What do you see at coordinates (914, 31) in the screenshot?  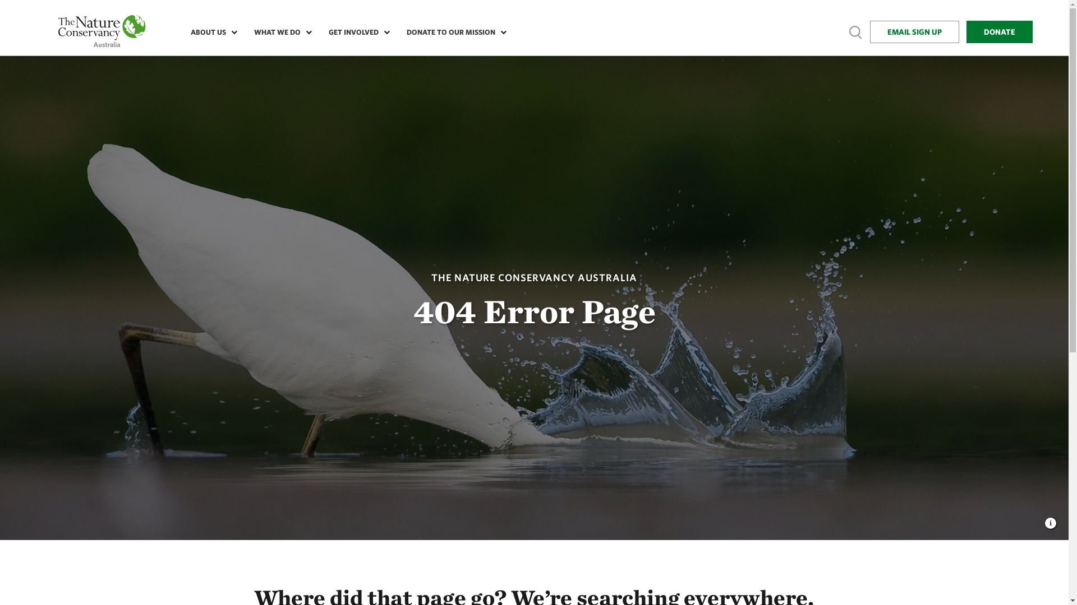 I see `'EMAIL SIGN UP'` at bounding box center [914, 31].